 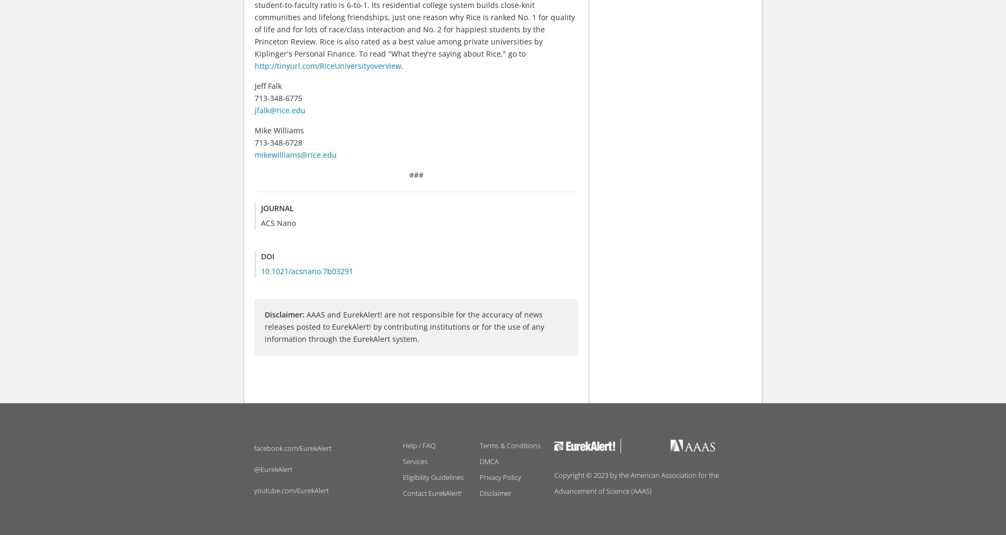 I want to click on 'Copyright © 2023 by the American Association for the Advancement of Science (AAAS)', so click(x=635, y=483).